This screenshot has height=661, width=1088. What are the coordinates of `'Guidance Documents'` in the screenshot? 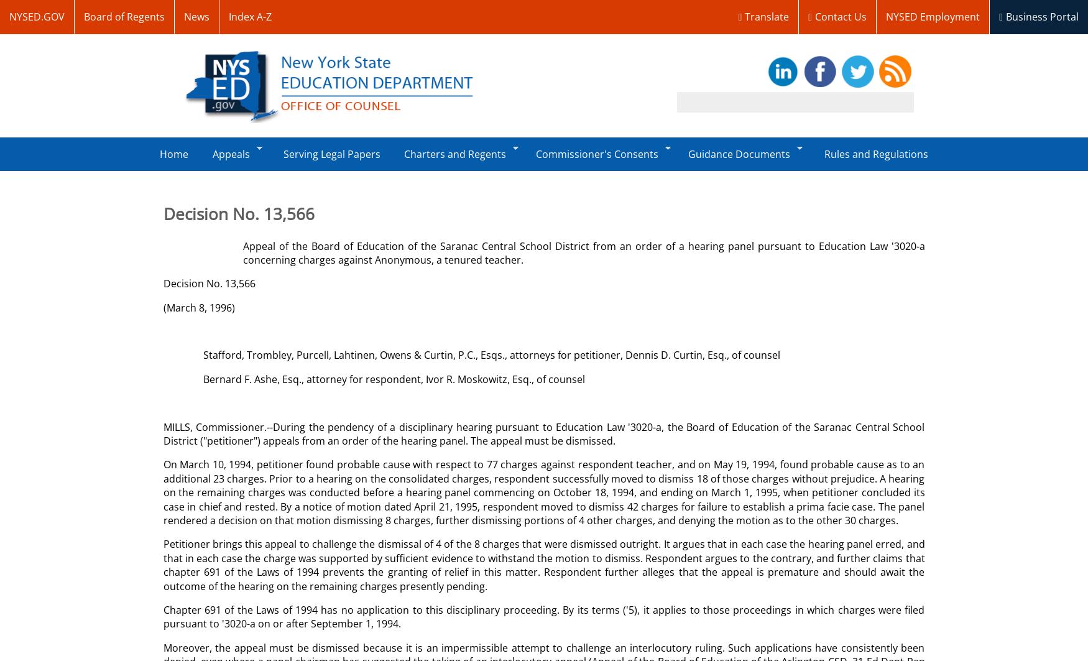 It's located at (739, 154).